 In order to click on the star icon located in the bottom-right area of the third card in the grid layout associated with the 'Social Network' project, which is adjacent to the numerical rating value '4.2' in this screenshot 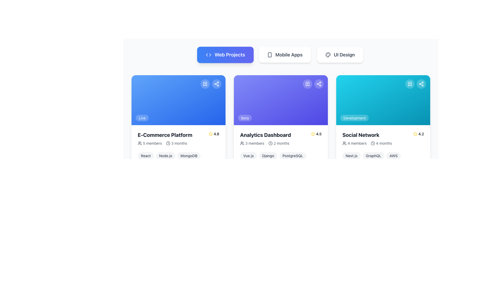, I will do `click(415, 133)`.